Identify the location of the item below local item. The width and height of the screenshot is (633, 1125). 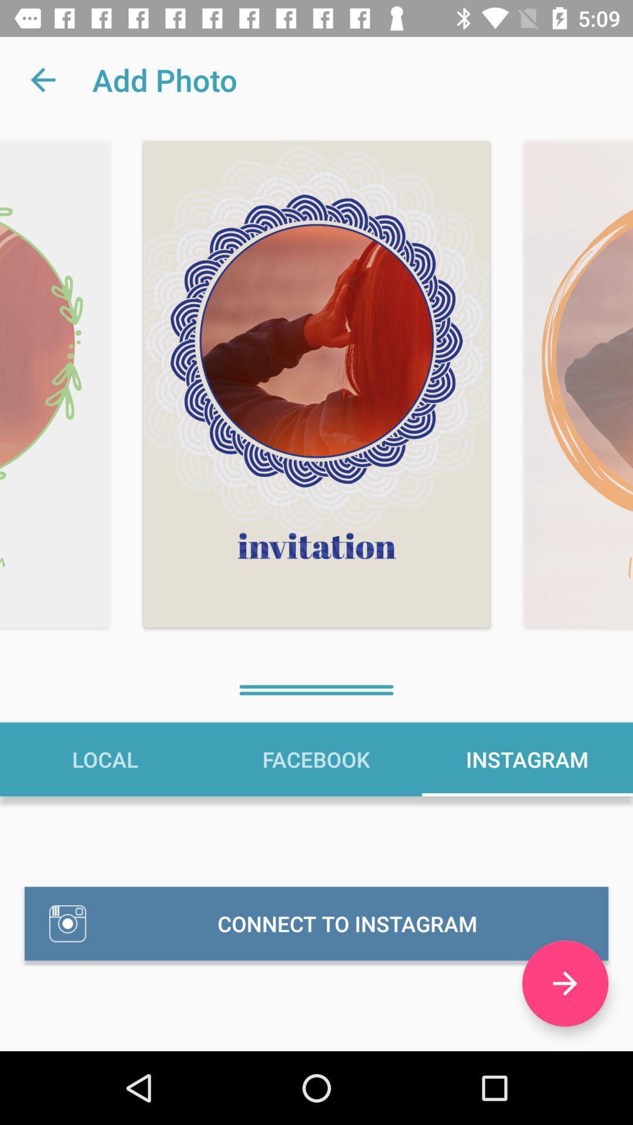
(316, 923).